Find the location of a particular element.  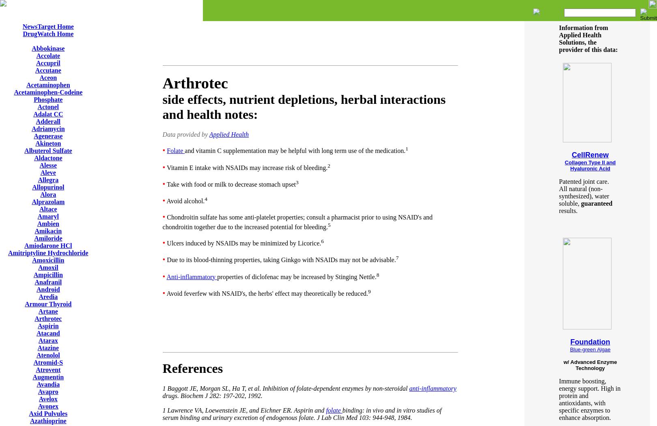

'8' is located at coordinates (377, 274).